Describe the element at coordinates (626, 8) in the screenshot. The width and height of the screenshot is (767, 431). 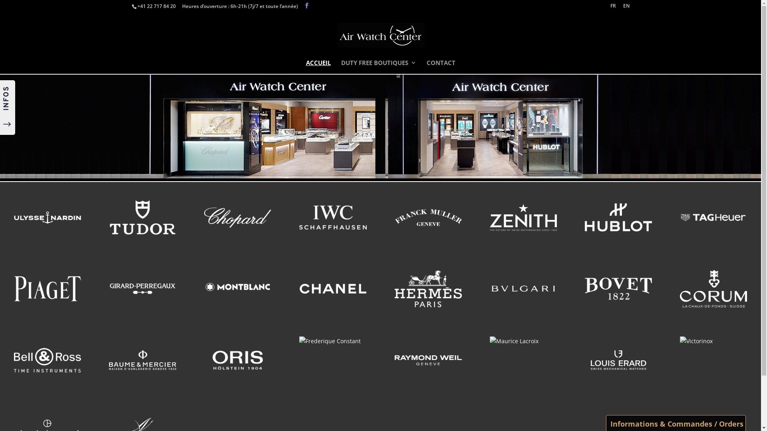
I see `'EN'` at that location.